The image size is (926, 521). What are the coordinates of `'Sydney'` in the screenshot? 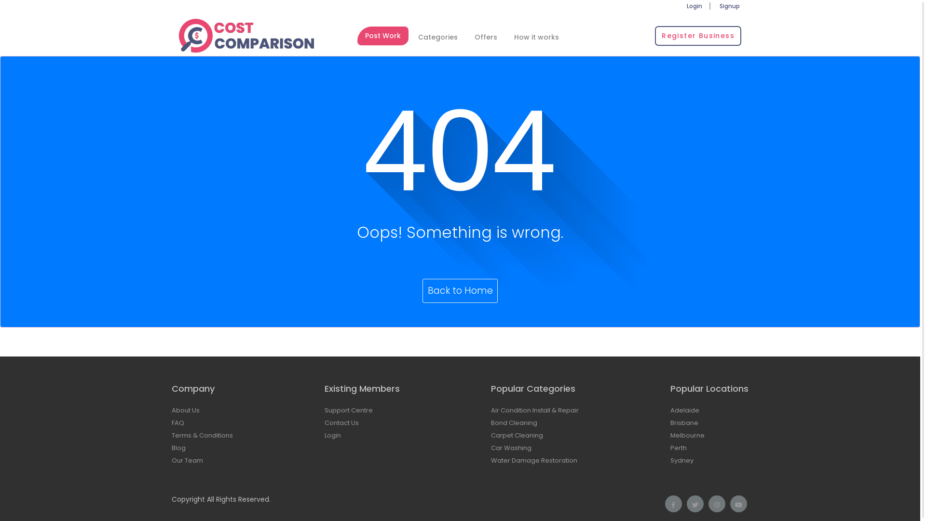 It's located at (681, 460).